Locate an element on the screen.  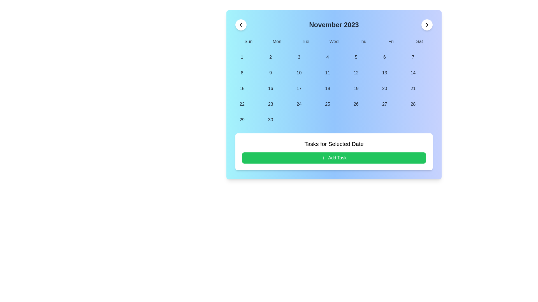
the Interactive calendar day button representing the 14th of November 2023 is located at coordinates (413, 73).